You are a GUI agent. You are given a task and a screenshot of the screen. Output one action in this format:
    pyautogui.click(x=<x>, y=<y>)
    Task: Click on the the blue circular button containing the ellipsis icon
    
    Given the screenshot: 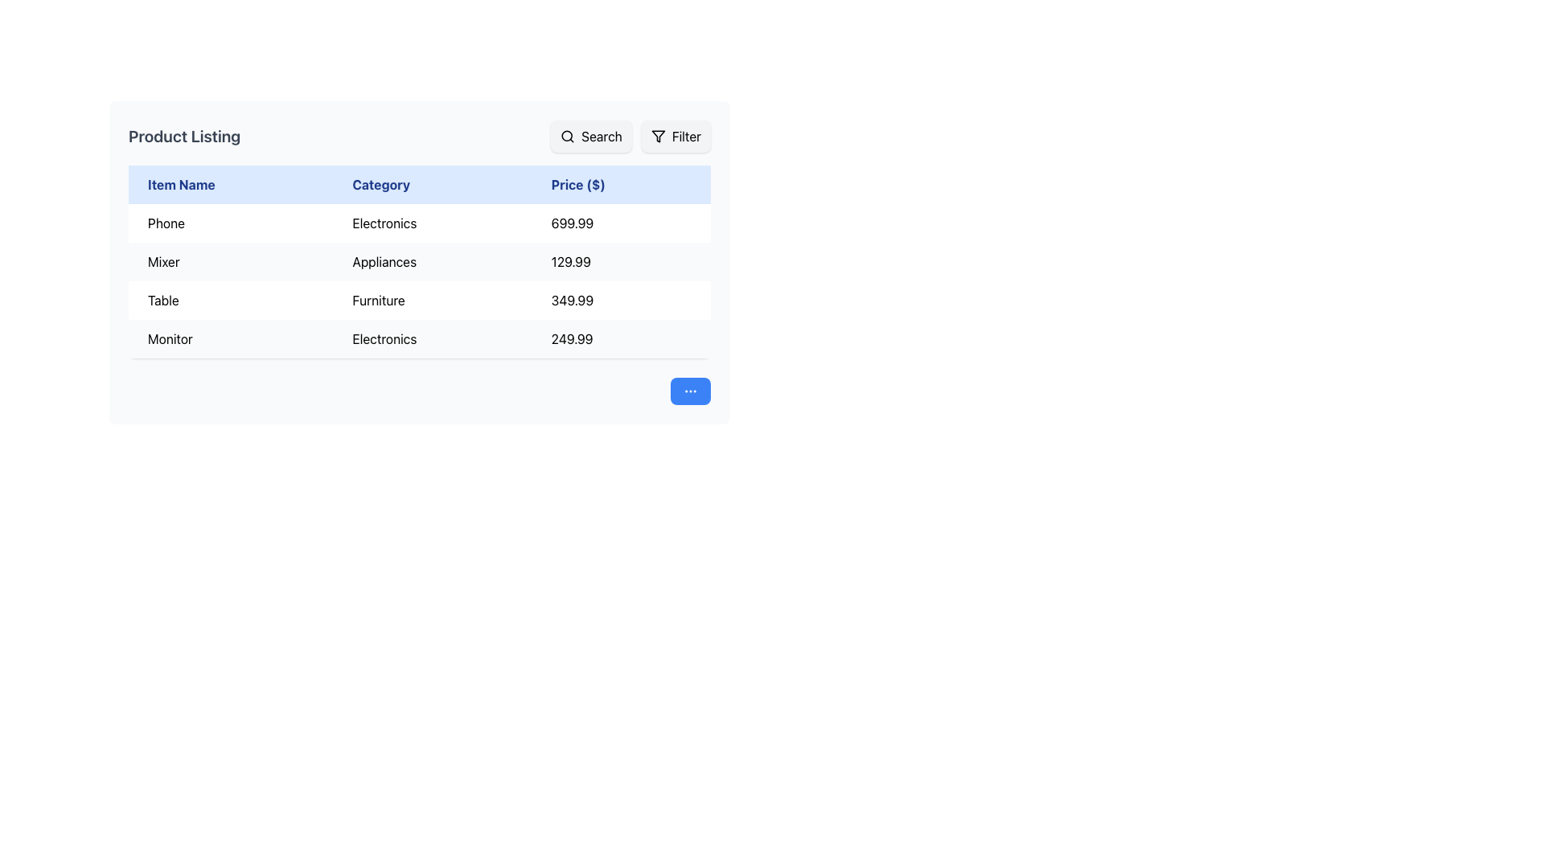 What is the action you would take?
    pyautogui.click(x=691, y=391)
    